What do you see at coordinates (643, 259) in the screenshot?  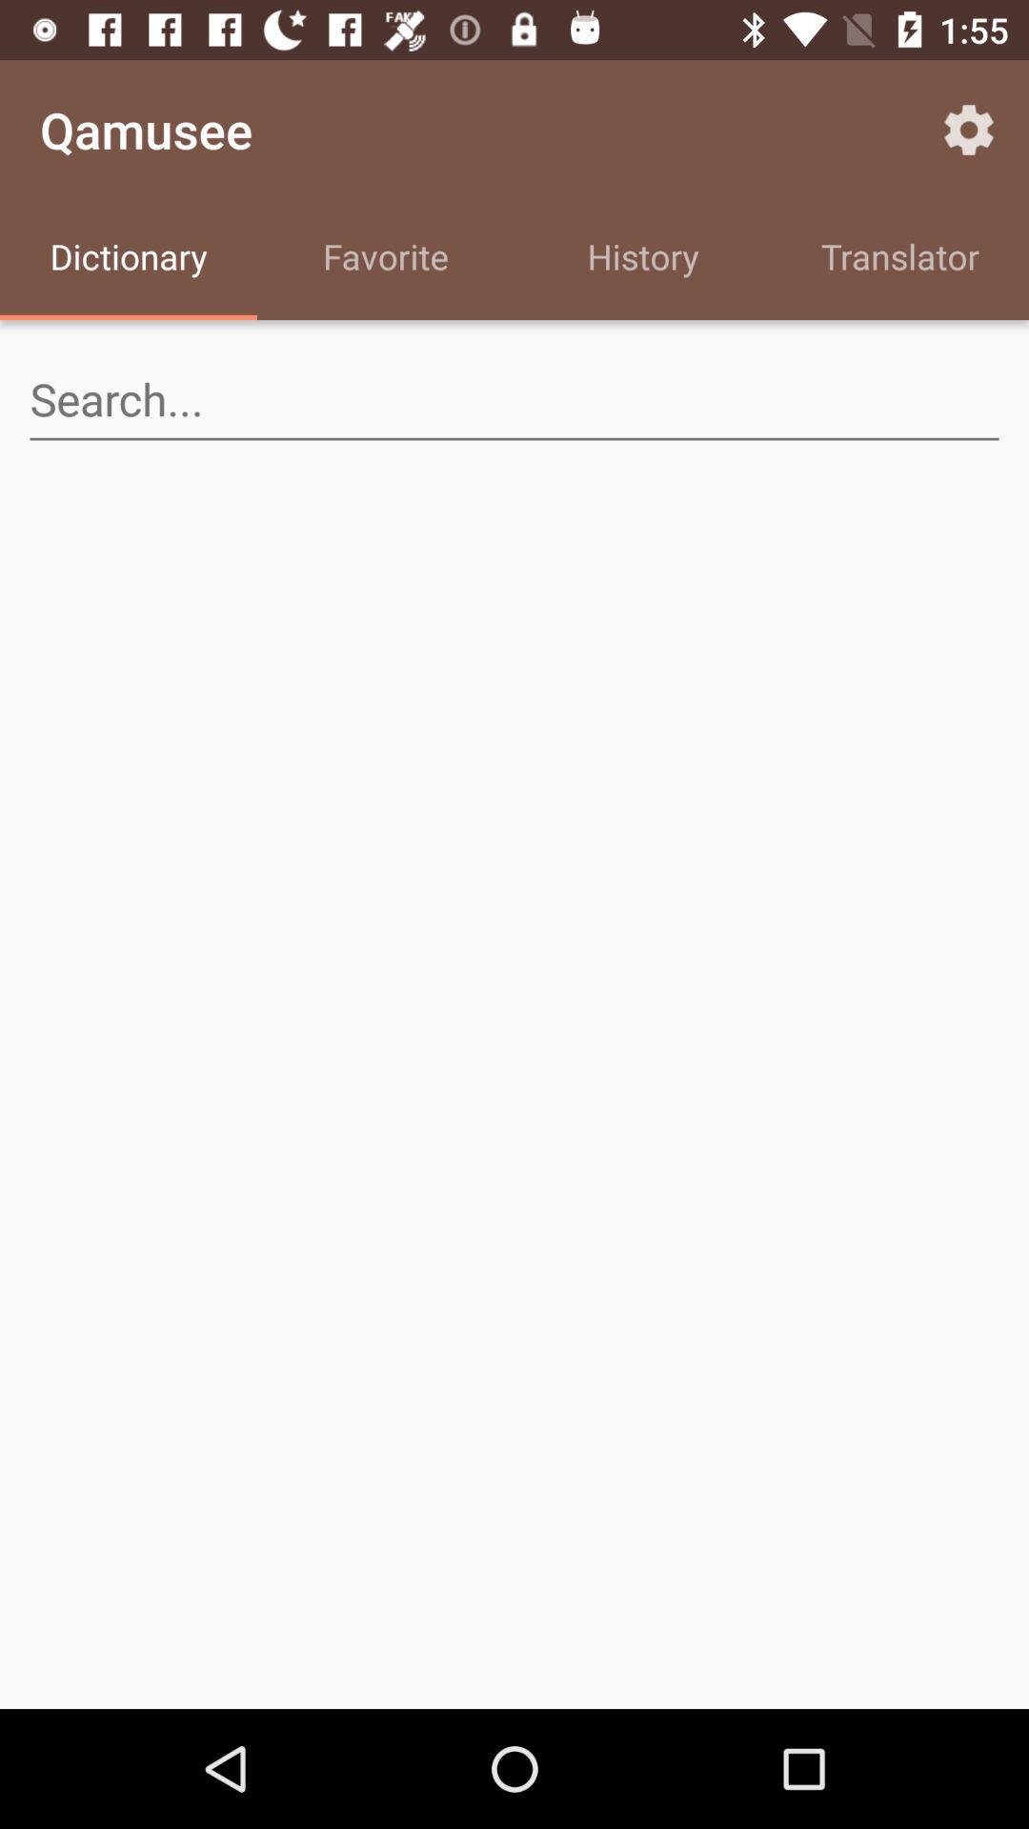 I see `the history` at bounding box center [643, 259].